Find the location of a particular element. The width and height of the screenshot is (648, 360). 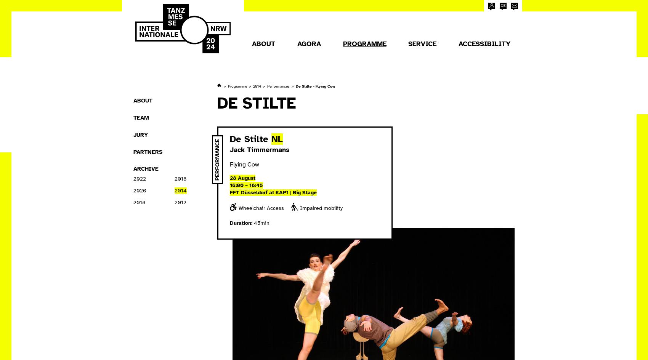

'Jack Timmermans' is located at coordinates (229, 149).